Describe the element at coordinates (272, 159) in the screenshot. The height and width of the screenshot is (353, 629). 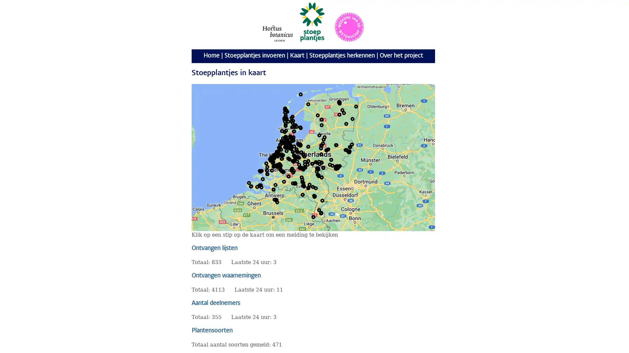
I see `Telling van Annemiek op 07 mei 2022` at that location.